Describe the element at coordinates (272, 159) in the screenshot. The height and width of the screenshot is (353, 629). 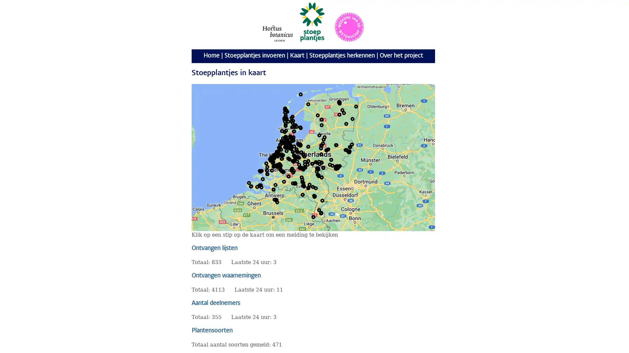
I see `Telling van Annemiek op 07 mei 2022` at that location.